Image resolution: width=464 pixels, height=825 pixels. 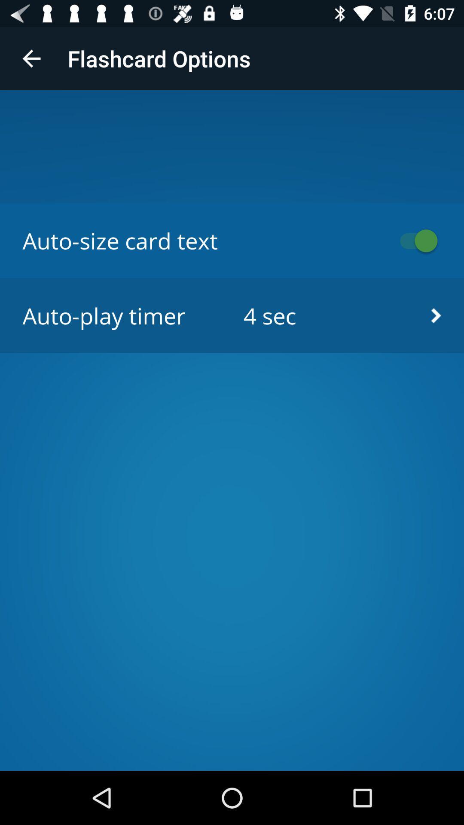 I want to click on auto-size card text option, so click(x=414, y=241).